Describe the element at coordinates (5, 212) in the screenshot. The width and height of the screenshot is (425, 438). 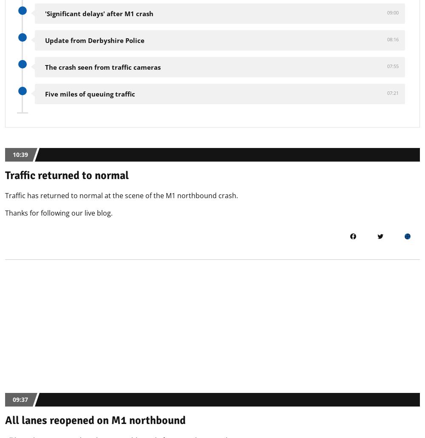
I see `'Thanks for following our live blog.'` at that location.